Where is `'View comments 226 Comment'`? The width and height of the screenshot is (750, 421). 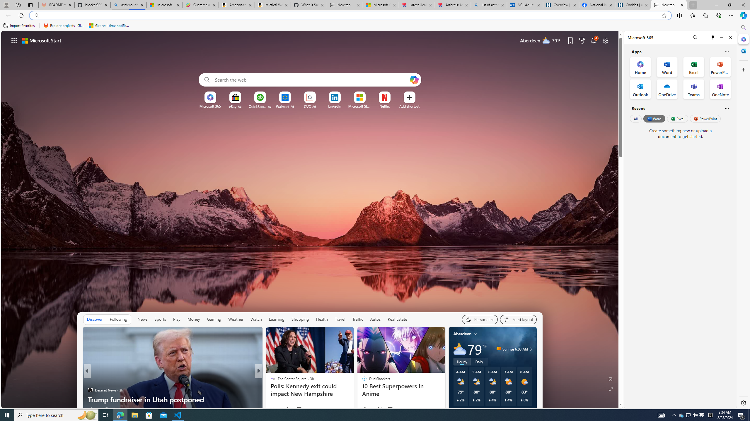
'View comments 226 Comment' is located at coordinates (301, 410).